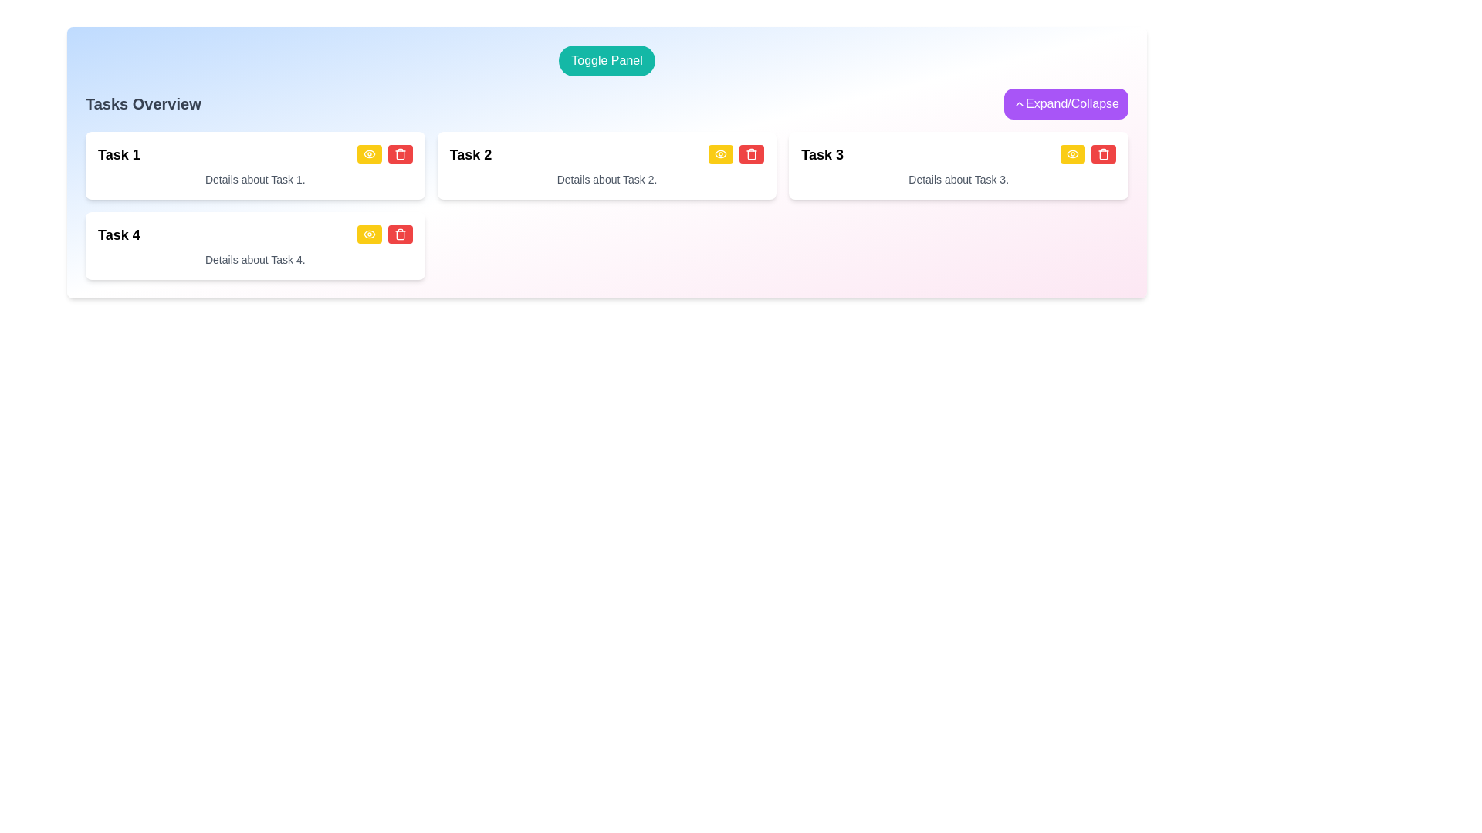 The width and height of the screenshot is (1482, 833). Describe the element at coordinates (118, 154) in the screenshot. I see `the text label element that serves as the title for the task card, labeled 'Task 1', located in the header section` at that location.